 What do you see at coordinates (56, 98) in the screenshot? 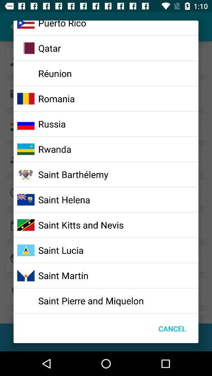
I see `the romania` at bounding box center [56, 98].